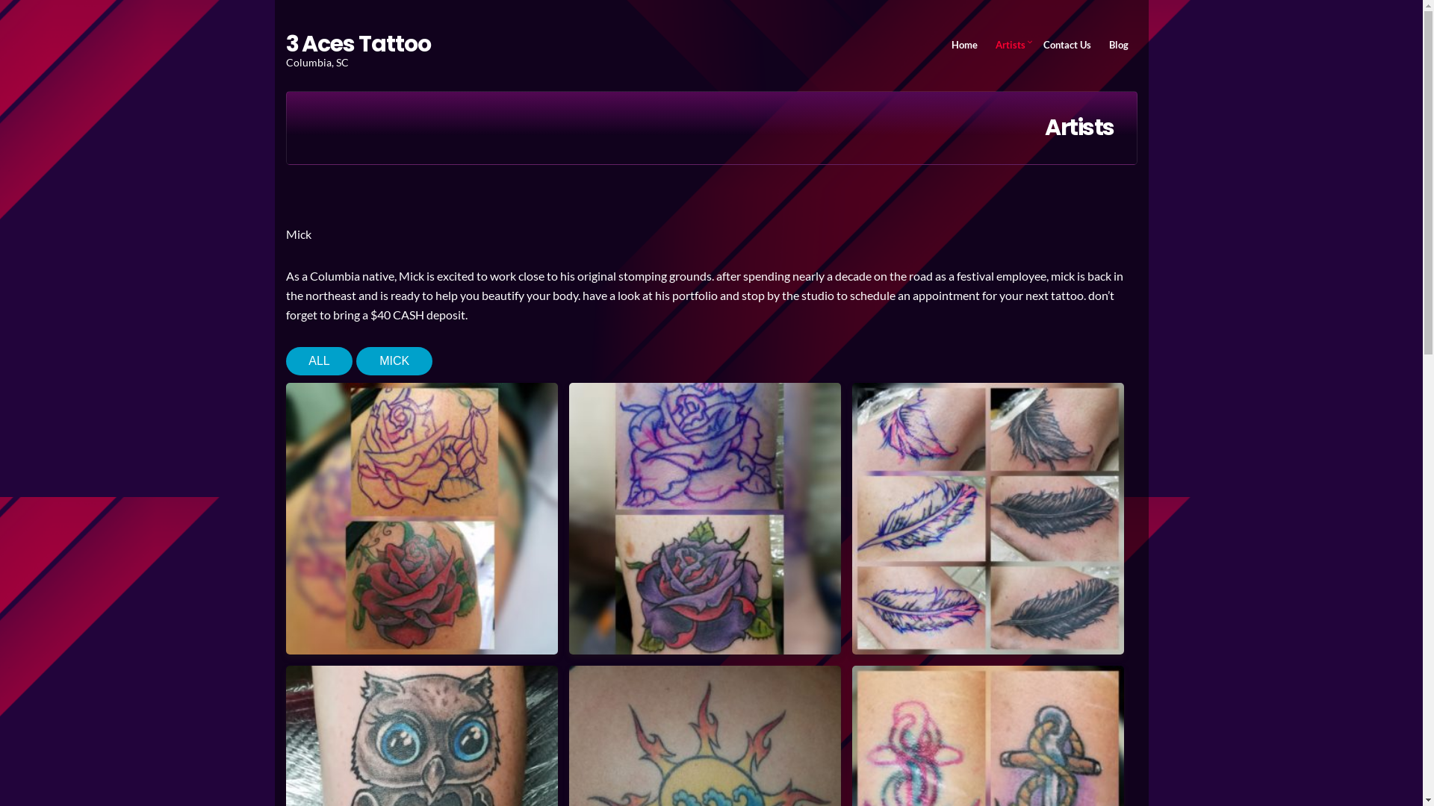 The height and width of the screenshot is (806, 1434). I want to click on 'IMG_20170615_222037_687', so click(568, 517).